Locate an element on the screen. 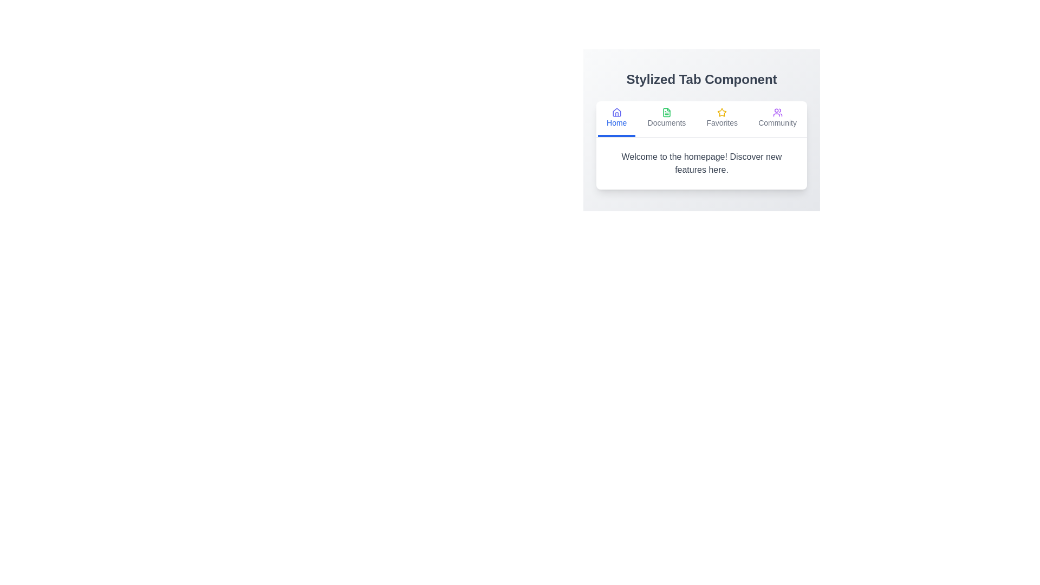  the house-shaped icon outlined in indigo-blue strokes located in the 'Home' tab adjacent to the text 'Home' is located at coordinates (616, 112).